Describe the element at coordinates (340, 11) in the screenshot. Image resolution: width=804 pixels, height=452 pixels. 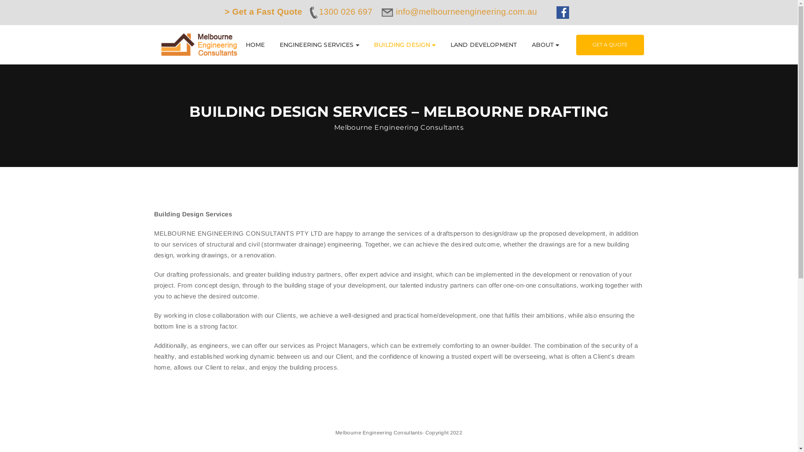
I see `'1300 026 697'` at that location.